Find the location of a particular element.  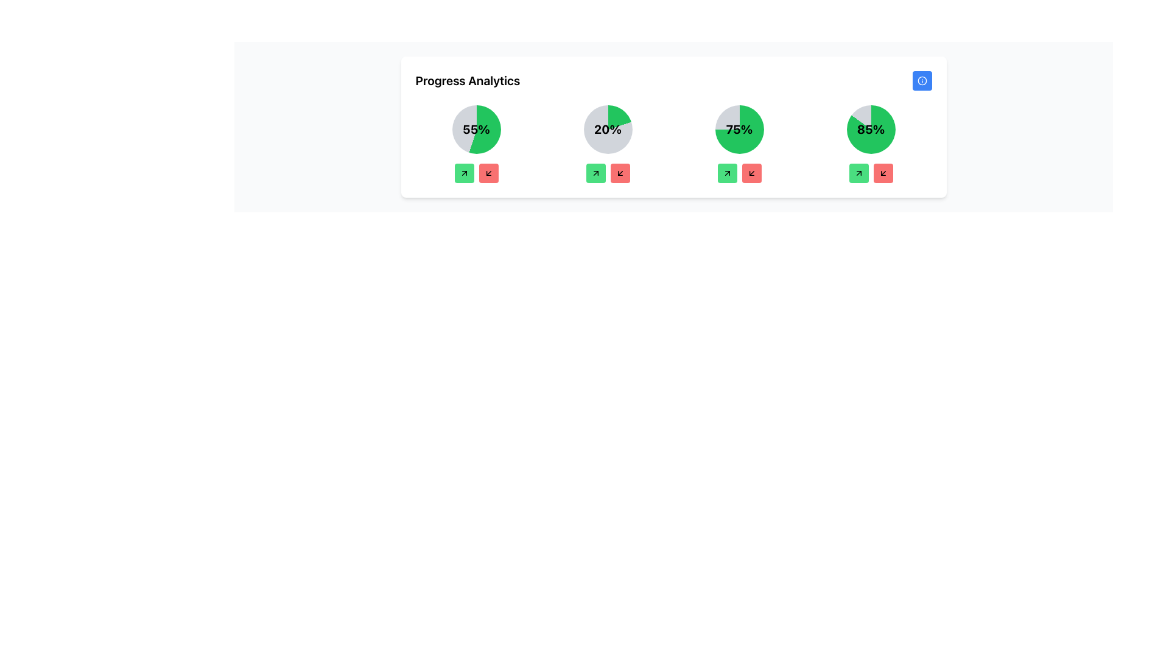

the second red button with a black arrow icon in the 'Progress Analytics' section is located at coordinates (620, 173).